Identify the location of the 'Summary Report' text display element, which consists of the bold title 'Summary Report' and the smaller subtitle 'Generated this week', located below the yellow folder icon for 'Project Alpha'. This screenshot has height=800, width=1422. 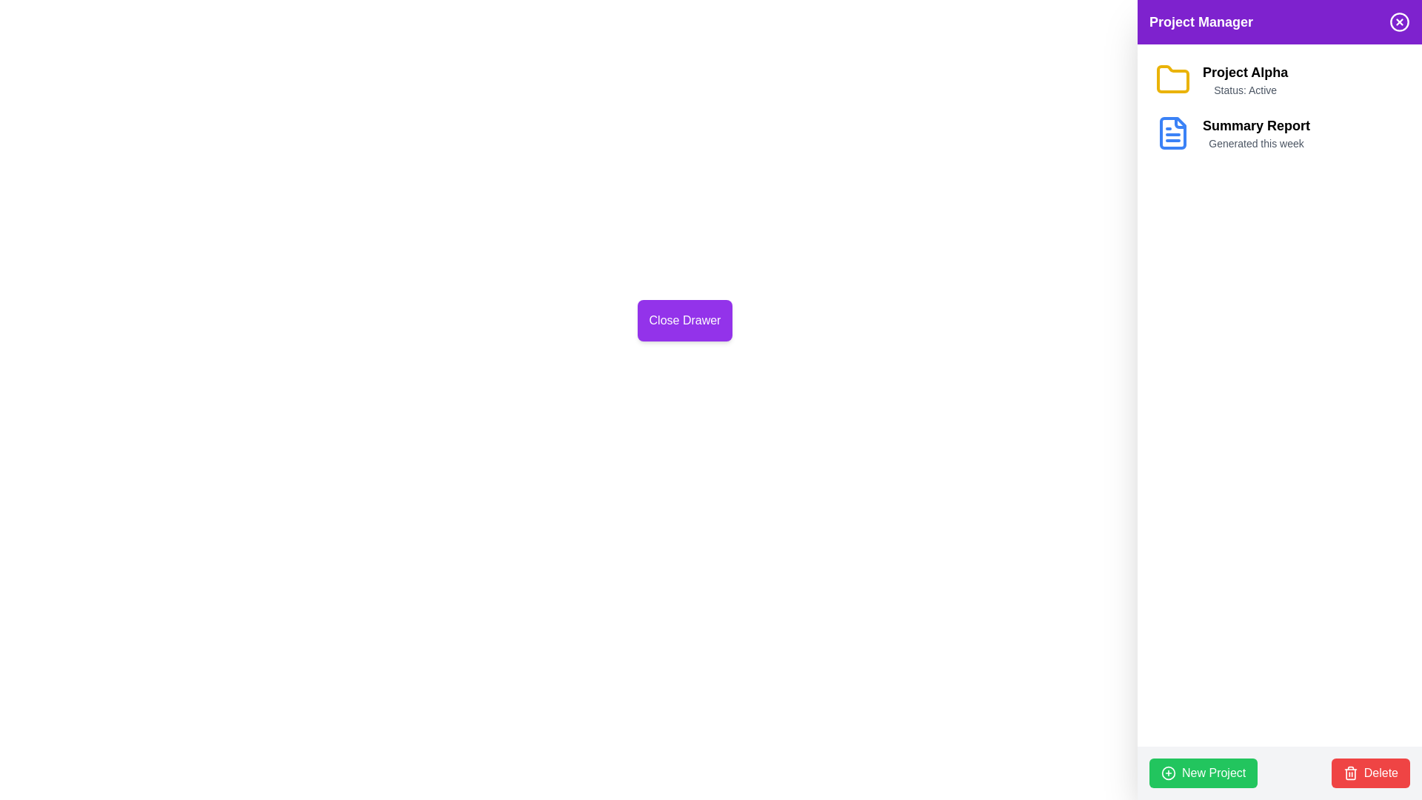
(1255, 133).